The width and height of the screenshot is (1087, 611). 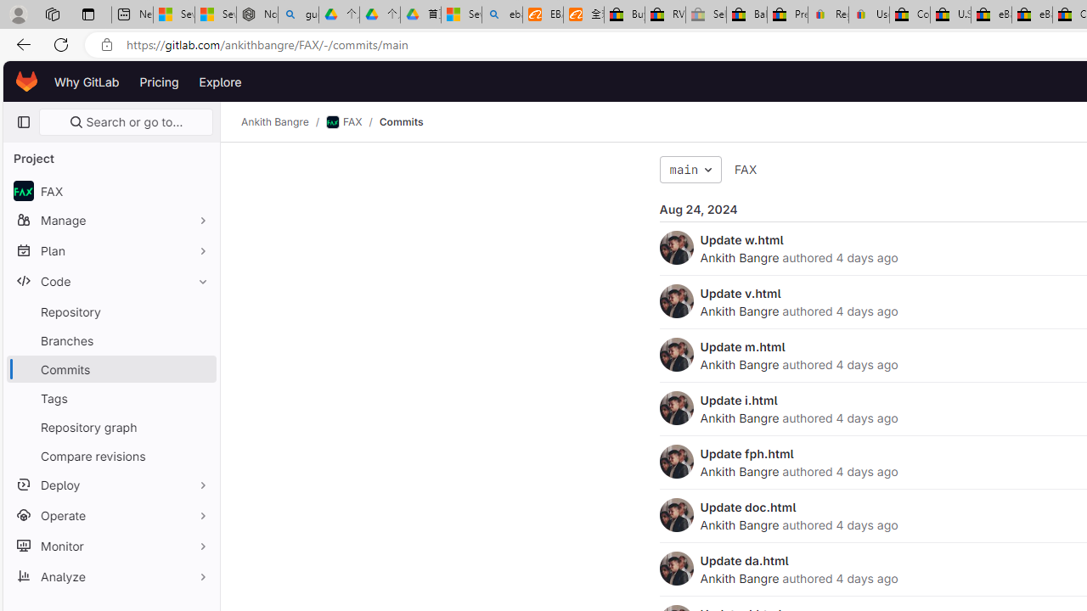 I want to click on 'Update w.html', so click(x=741, y=239).